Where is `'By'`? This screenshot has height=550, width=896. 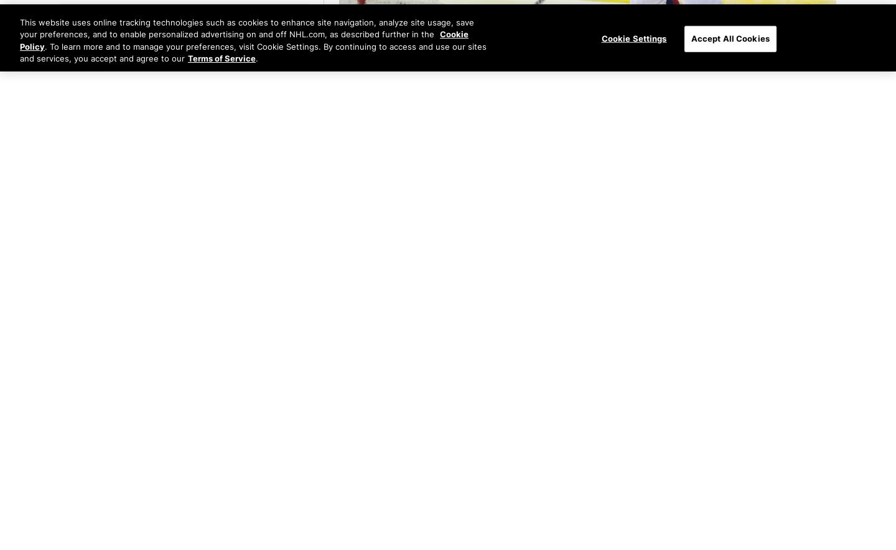 'By' is located at coordinates (344, 72).